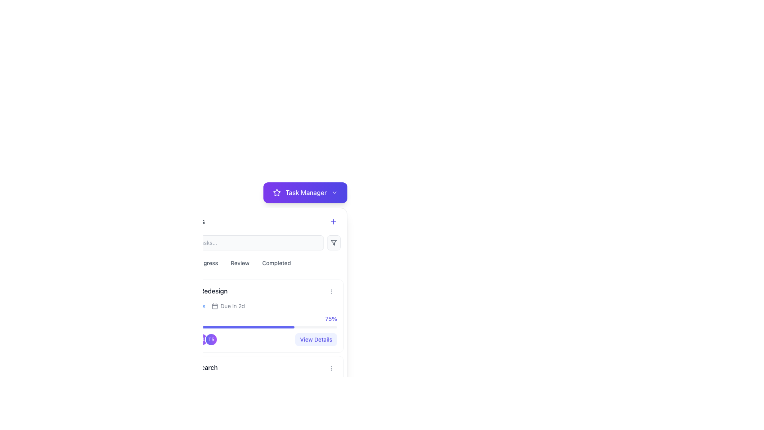 The width and height of the screenshot is (764, 430). I want to click on the 'In-progress' navigation button, which is the second item in a row of four labels in the navigation bar, so click(203, 263).